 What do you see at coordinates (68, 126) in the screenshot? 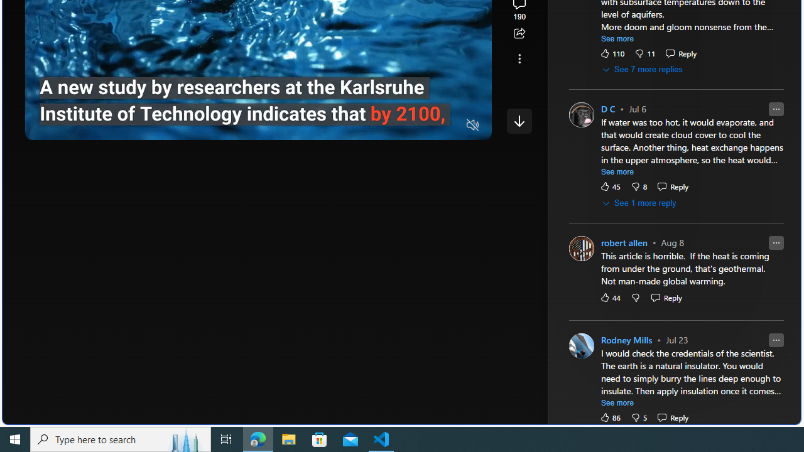
I see `'Seek Back'` at bounding box center [68, 126].